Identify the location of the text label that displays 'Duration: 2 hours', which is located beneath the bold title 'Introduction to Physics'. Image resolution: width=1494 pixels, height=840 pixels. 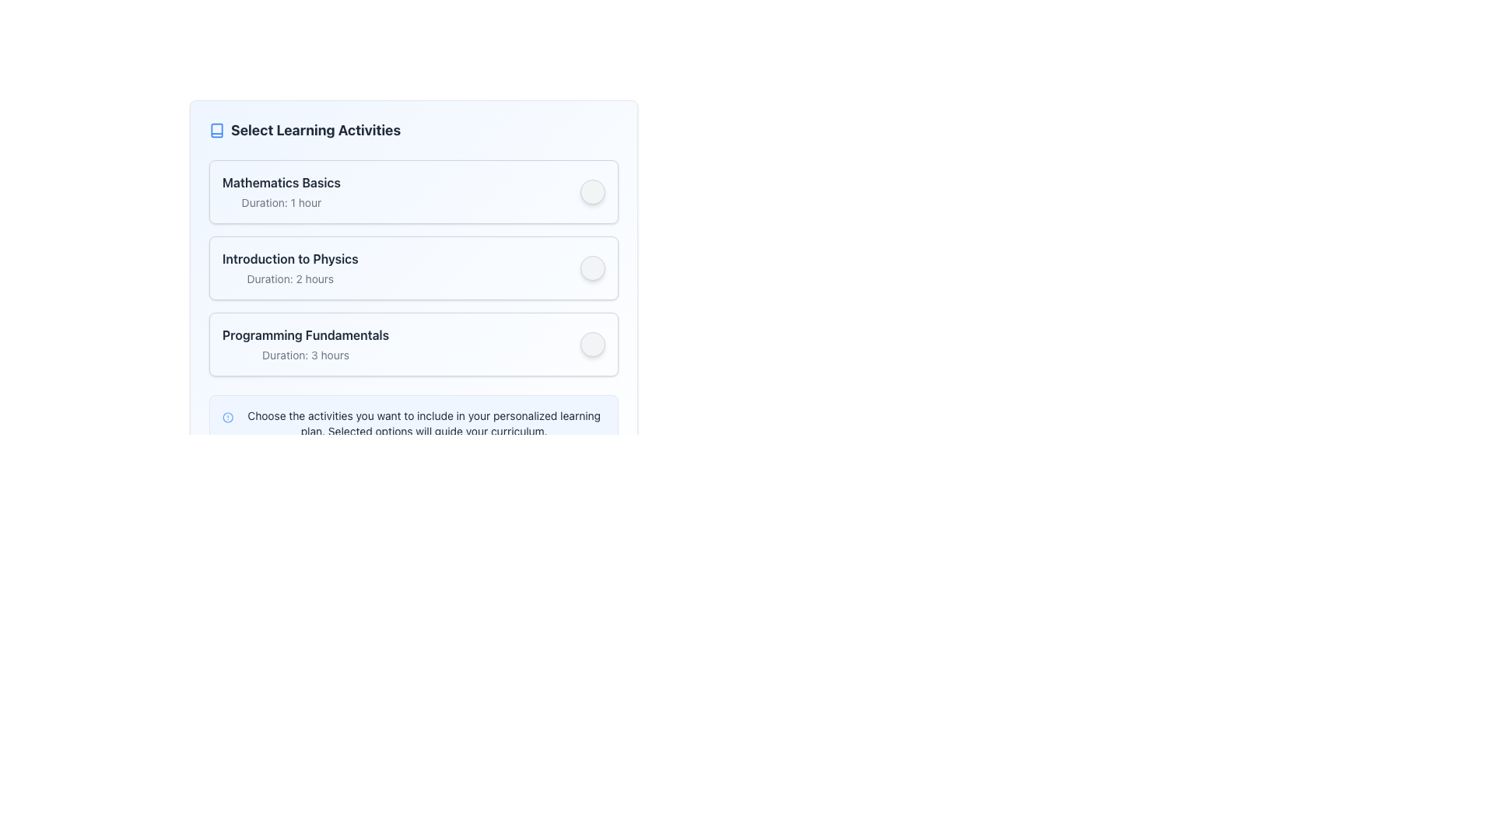
(290, 278).